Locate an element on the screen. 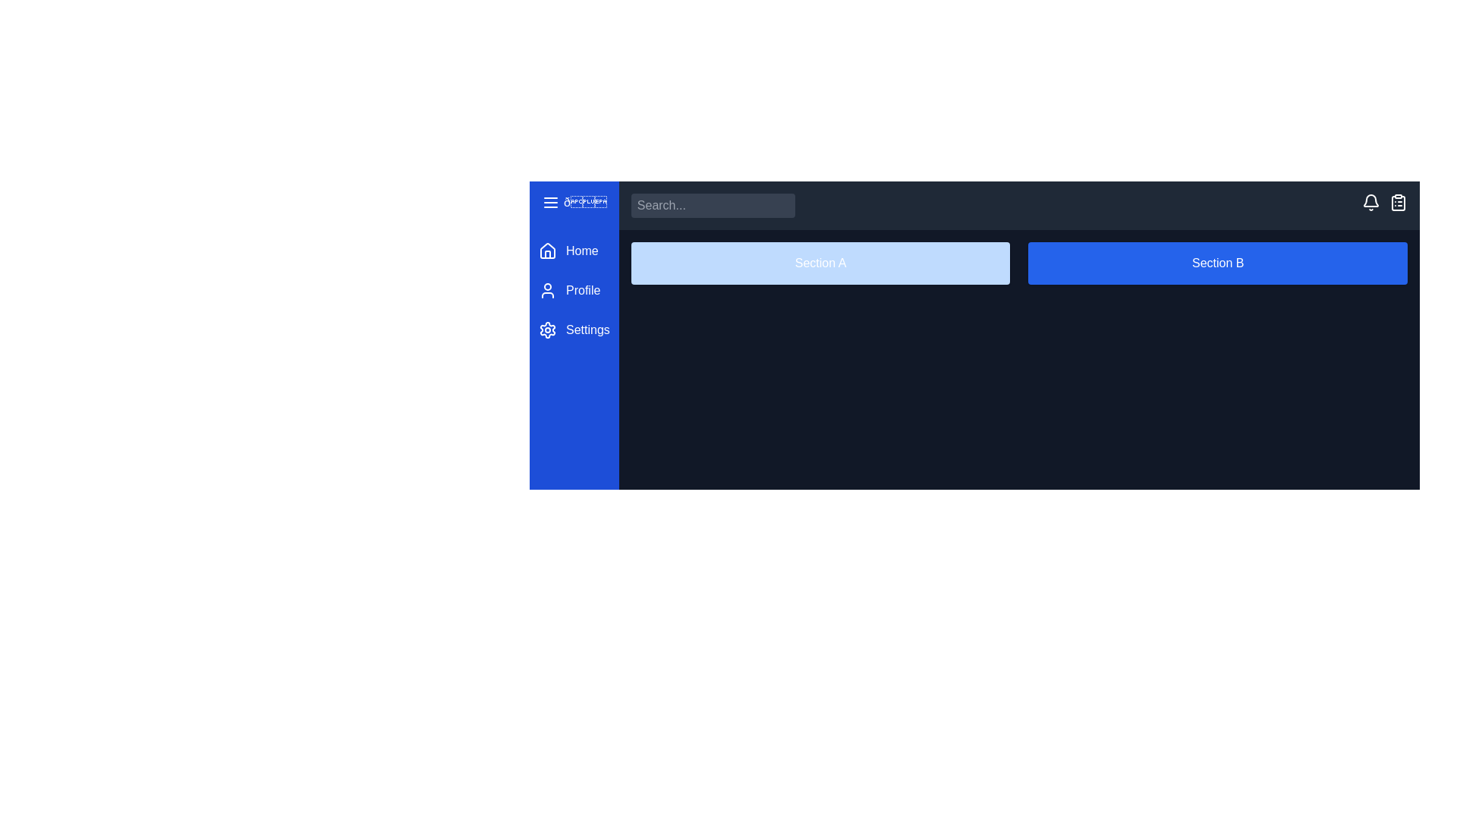 The image size is (1457, 820). the 'Home' icon in the sidebar navigation menu is located at coordinates (546, 250).